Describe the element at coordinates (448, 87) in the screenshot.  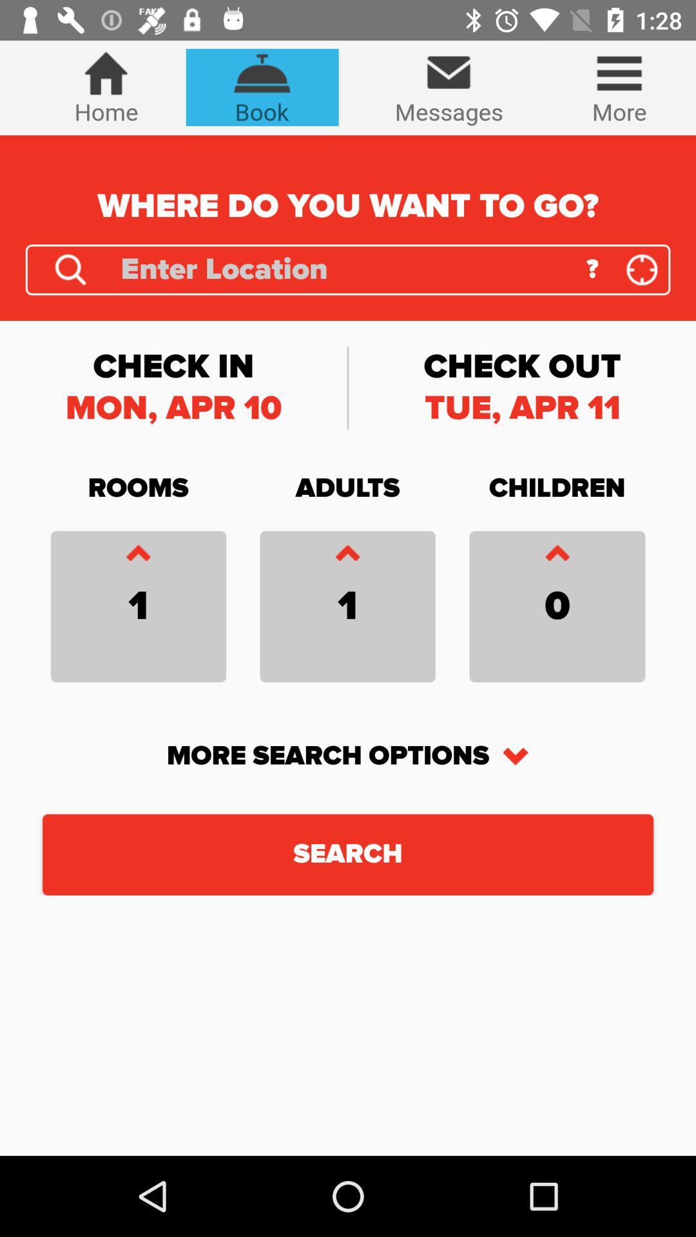
I see `the icon next to the more icon` at that location.